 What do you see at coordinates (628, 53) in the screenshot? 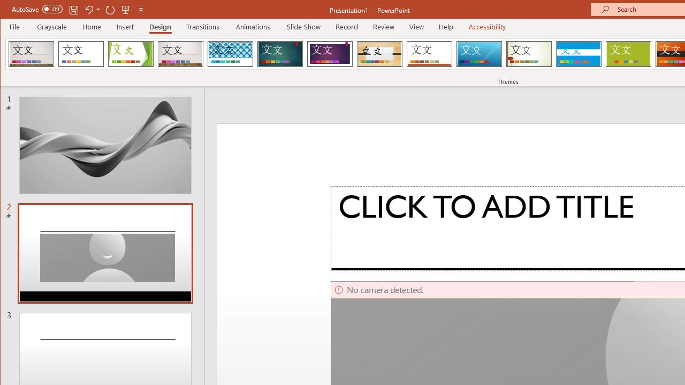
I see `'Basis'` at bounding box center [628, 53].